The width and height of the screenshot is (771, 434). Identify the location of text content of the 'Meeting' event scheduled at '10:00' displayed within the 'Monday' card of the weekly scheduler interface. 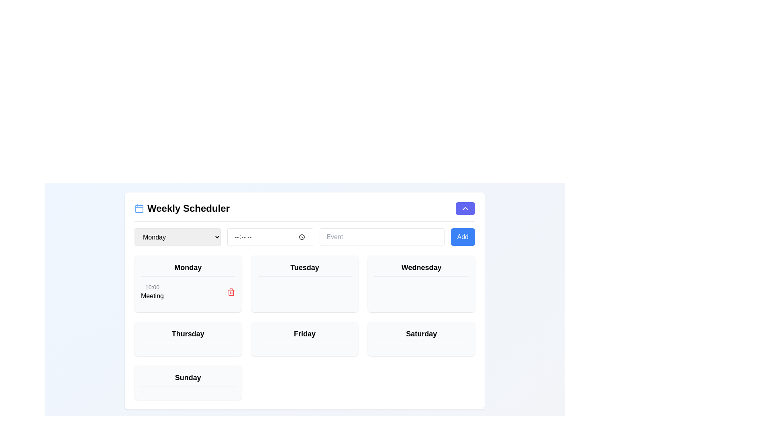
(152, 292).